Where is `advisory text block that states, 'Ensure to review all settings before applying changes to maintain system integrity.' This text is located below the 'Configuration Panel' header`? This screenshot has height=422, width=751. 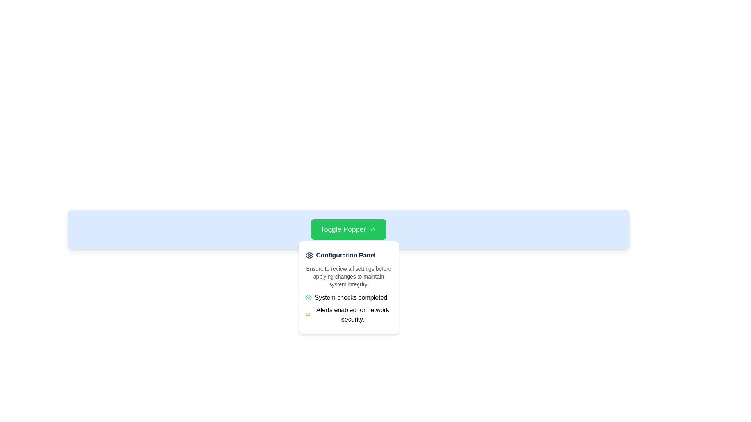
advisory text block that states, 'Ensure to review all settings before applying changes to maintain system integrity.' This text is located below the 'Configuration Panel' header is located at coordinates (348, 276).